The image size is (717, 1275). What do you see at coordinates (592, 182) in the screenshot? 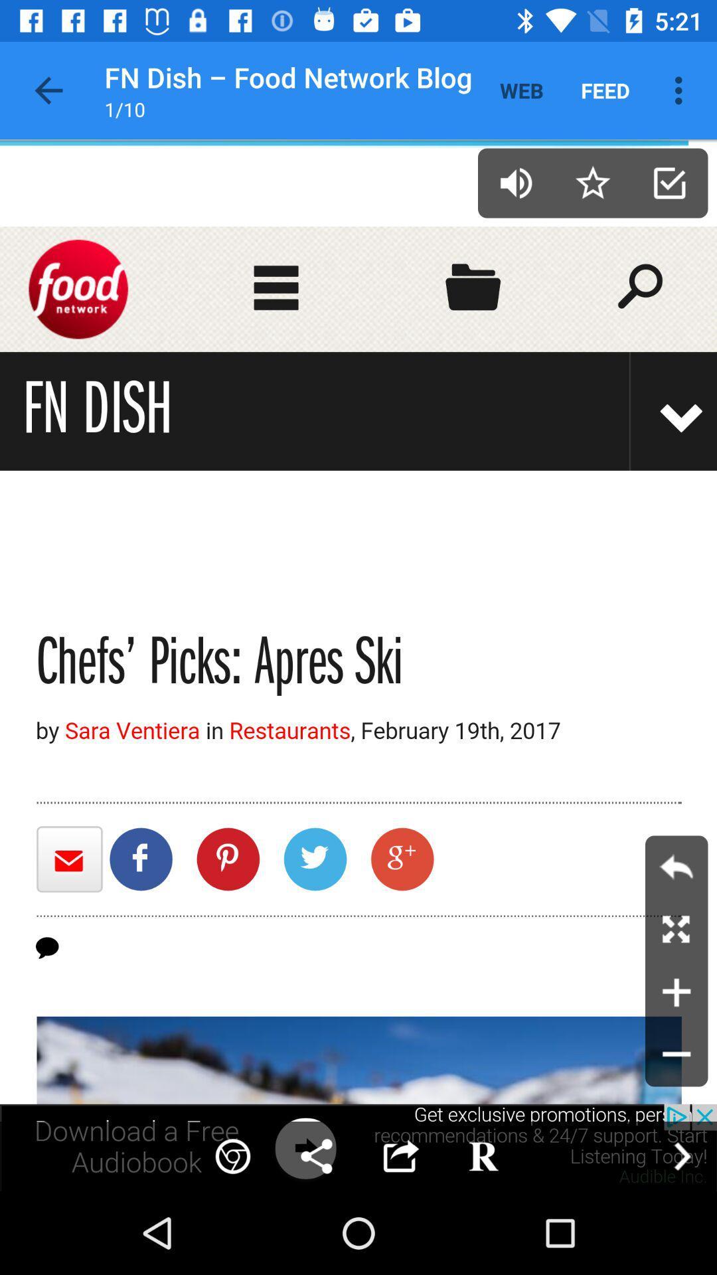
I see `the star icon` at bounding box center [592, 182].